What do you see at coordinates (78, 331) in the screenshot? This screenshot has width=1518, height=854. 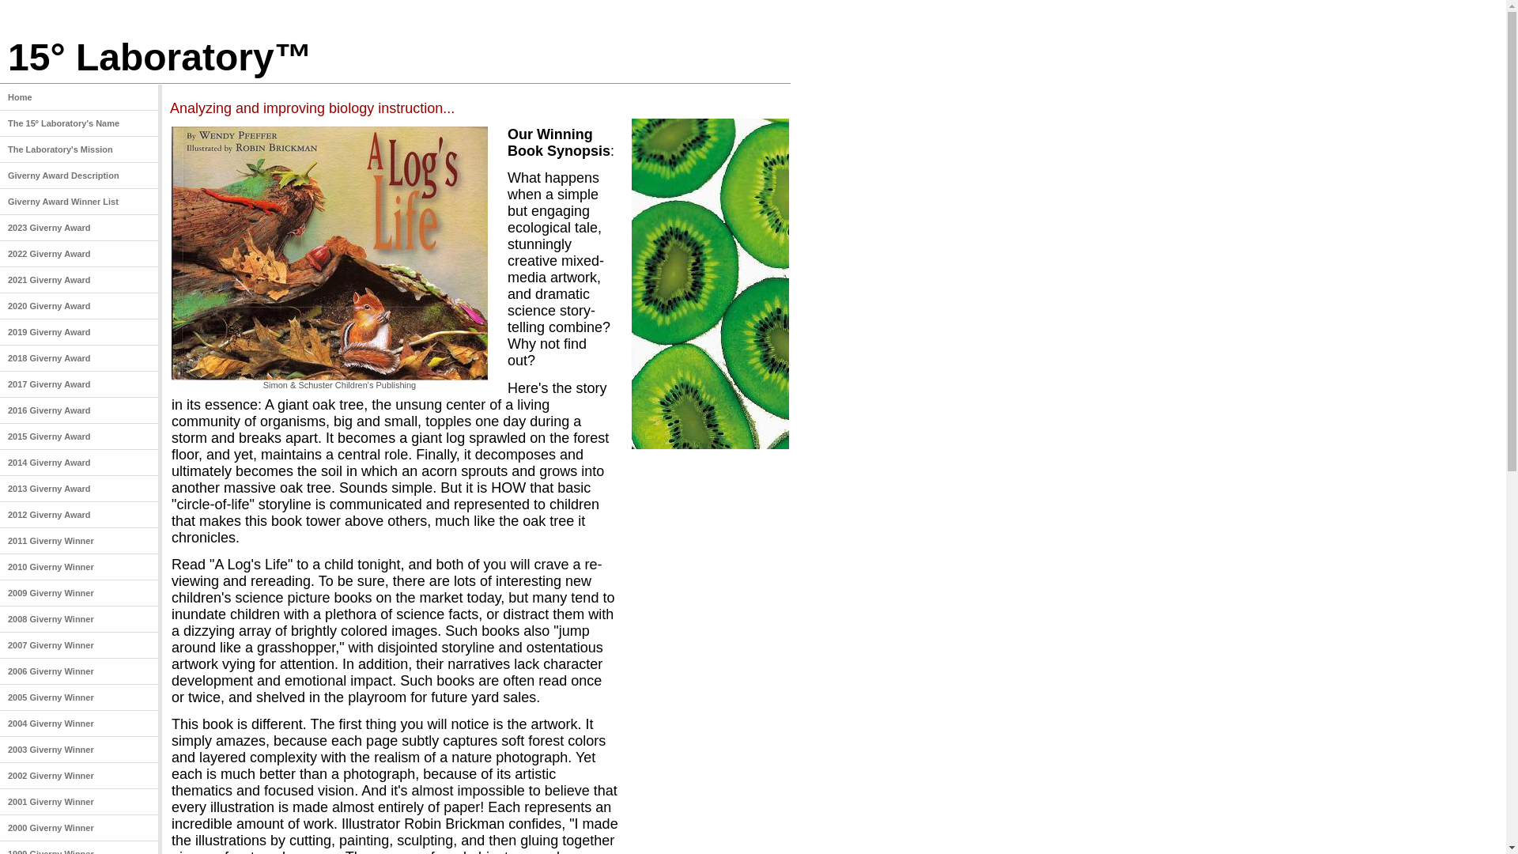 I see `'2019 Giverny Award'` at bounding box center [78, 331].